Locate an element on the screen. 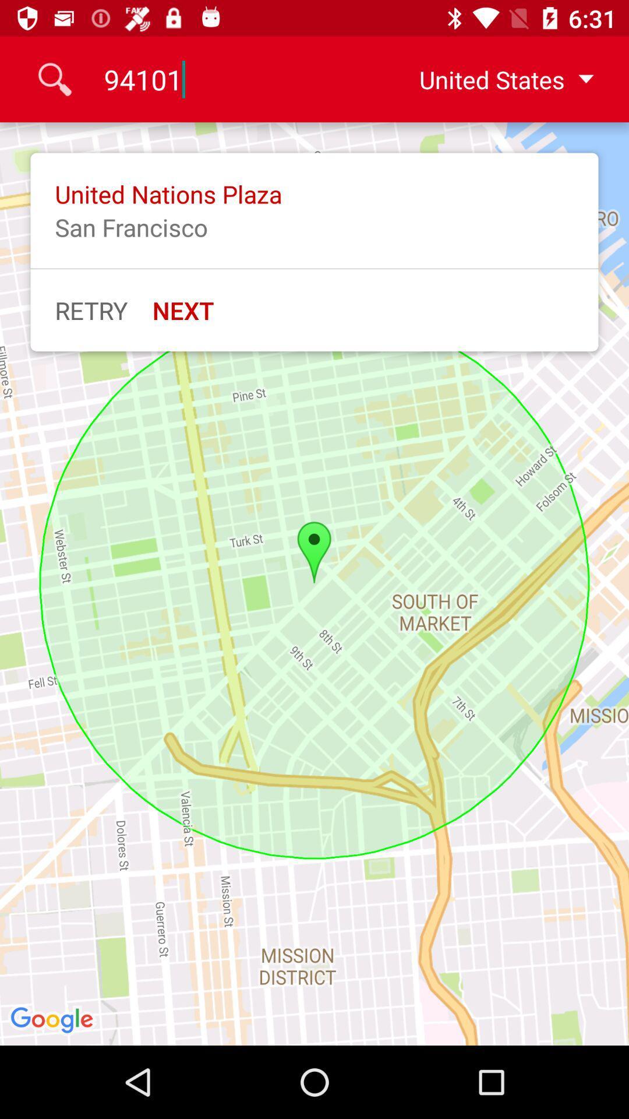 Image resolution: width=629 pixels, height=1119 pixels. retry icon is located at coordinates (91, 310).